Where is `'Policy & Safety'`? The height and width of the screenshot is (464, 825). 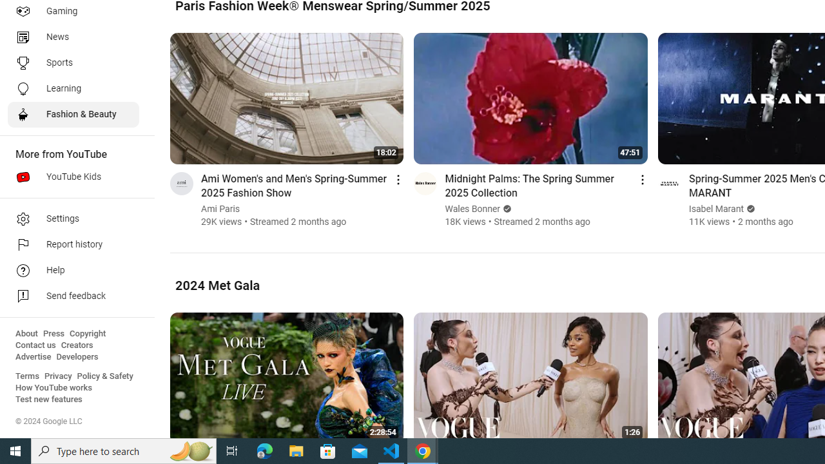 'Policy & Safety' is located at coordinates (105, 376).